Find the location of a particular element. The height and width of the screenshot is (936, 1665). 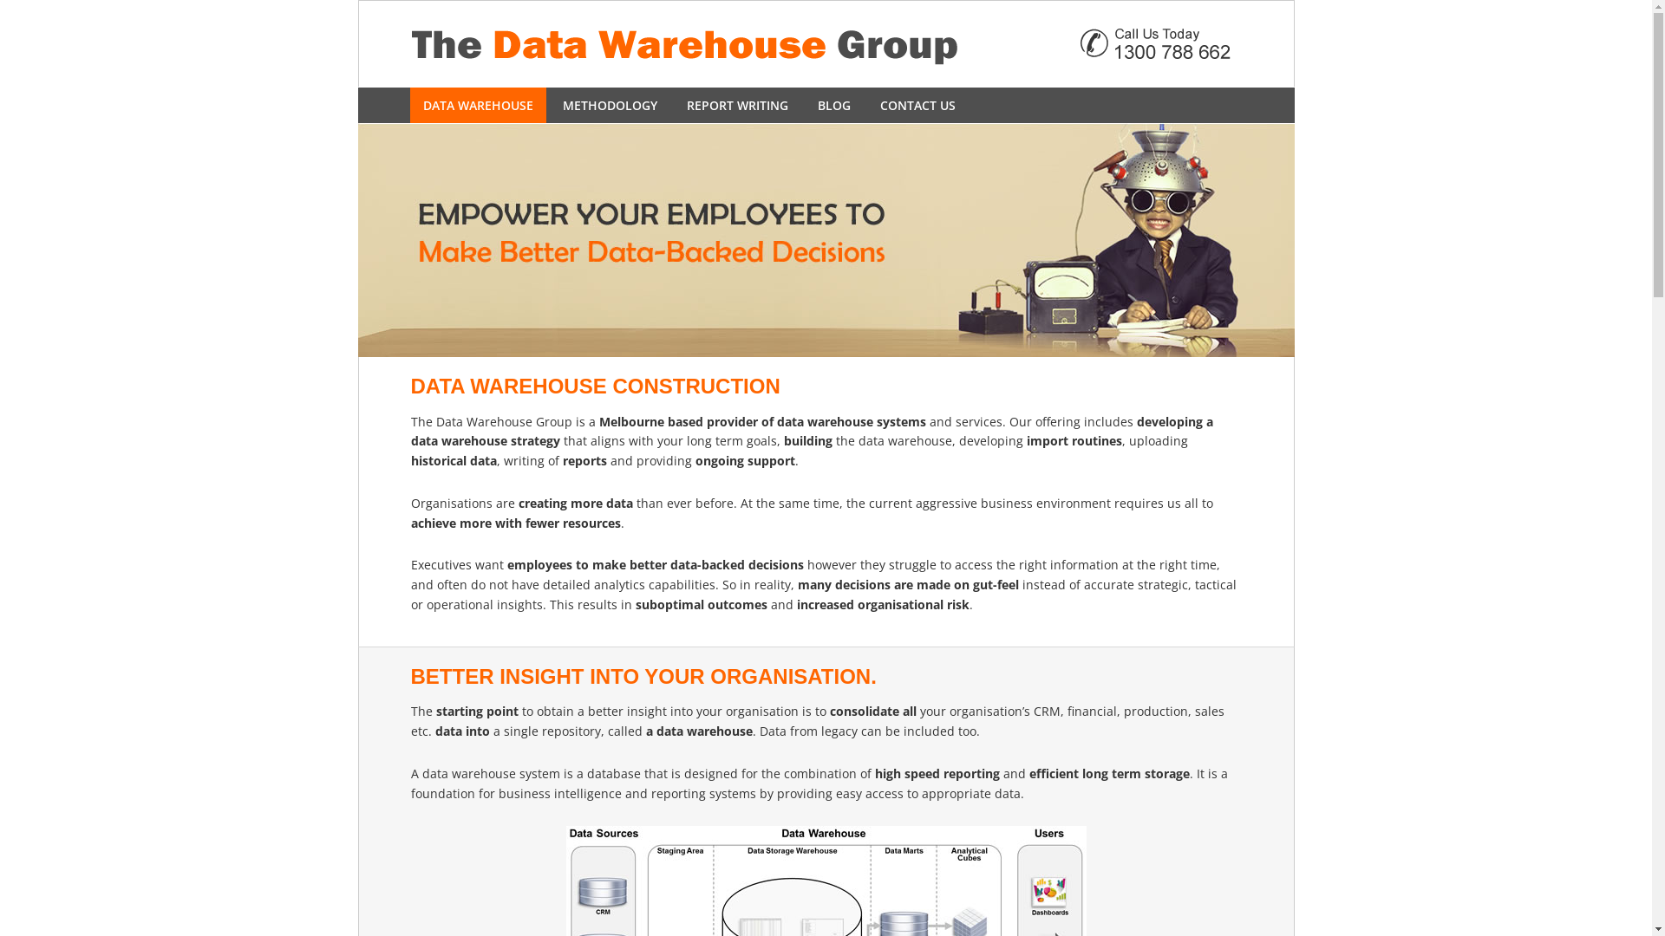

'BLOG' is located at coordinates (833, 105).